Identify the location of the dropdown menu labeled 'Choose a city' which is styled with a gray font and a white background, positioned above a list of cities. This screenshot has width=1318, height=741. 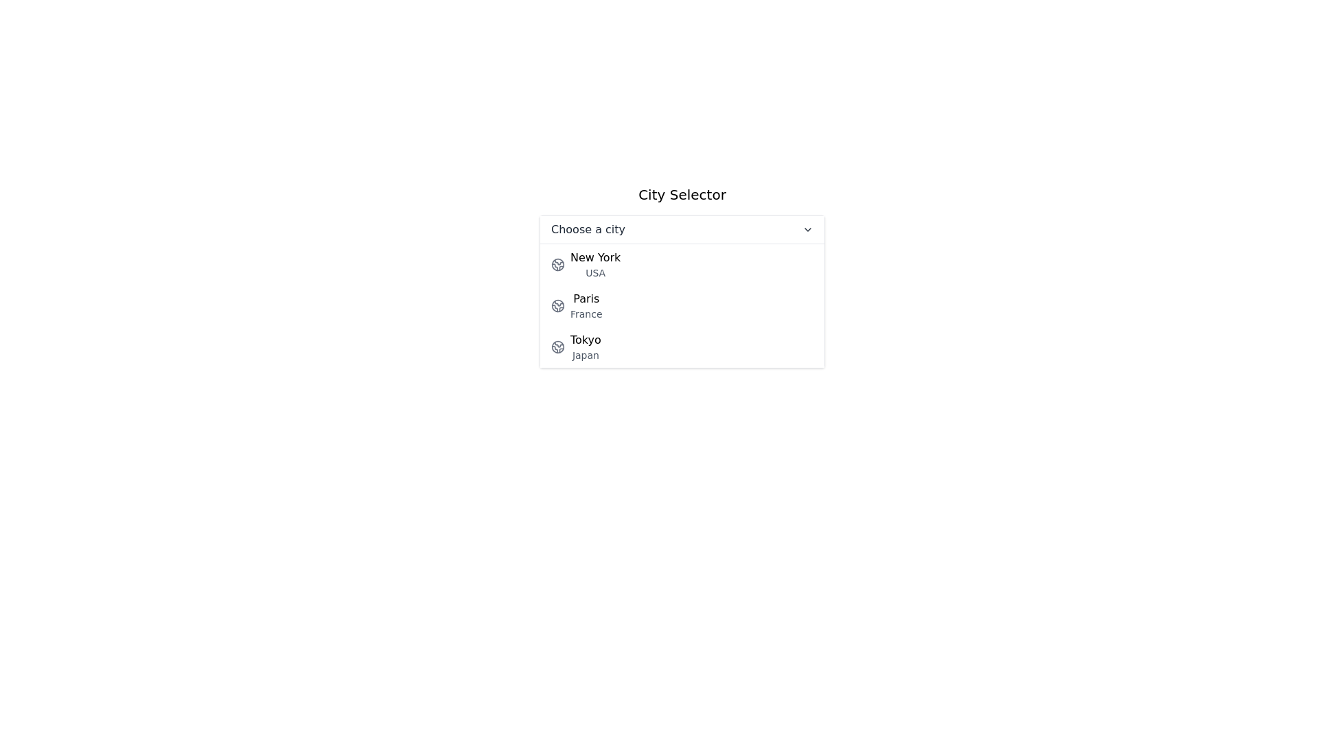
(682, 229).